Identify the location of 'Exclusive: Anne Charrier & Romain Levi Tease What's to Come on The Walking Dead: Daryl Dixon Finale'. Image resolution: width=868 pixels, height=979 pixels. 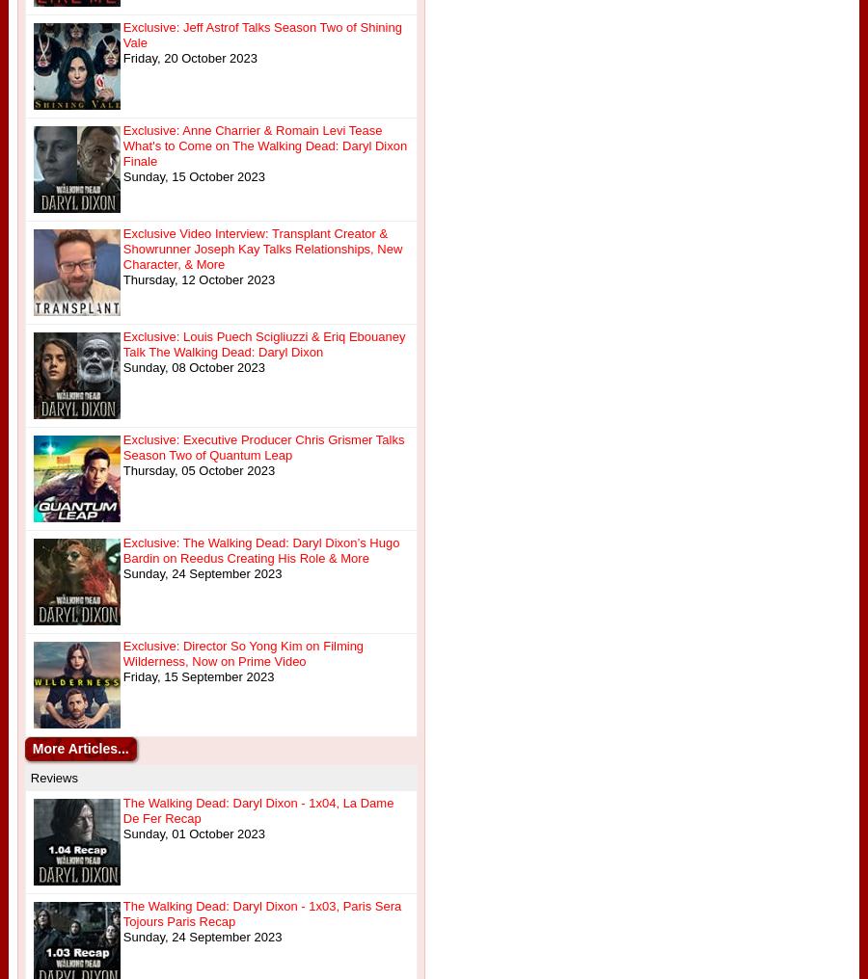
(122, 145).